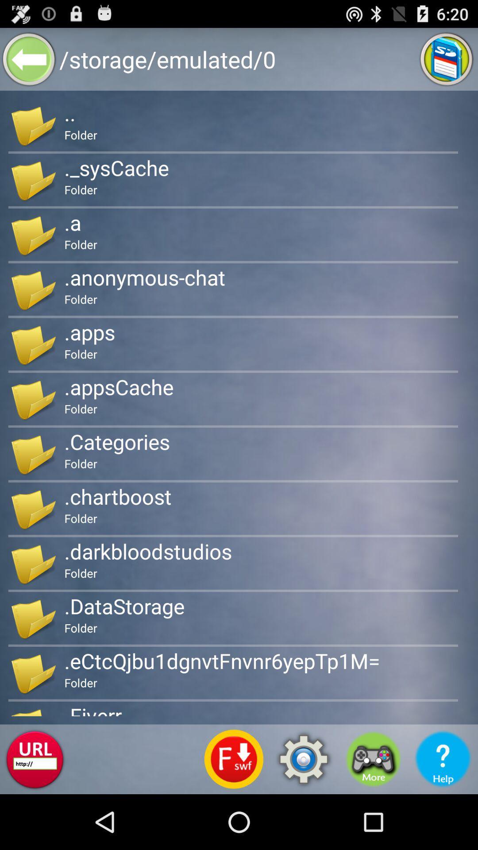  What do you see at coordinates (303, 812) in the screenshot?
I see `the settings icon` at bounding box center [303, 812].